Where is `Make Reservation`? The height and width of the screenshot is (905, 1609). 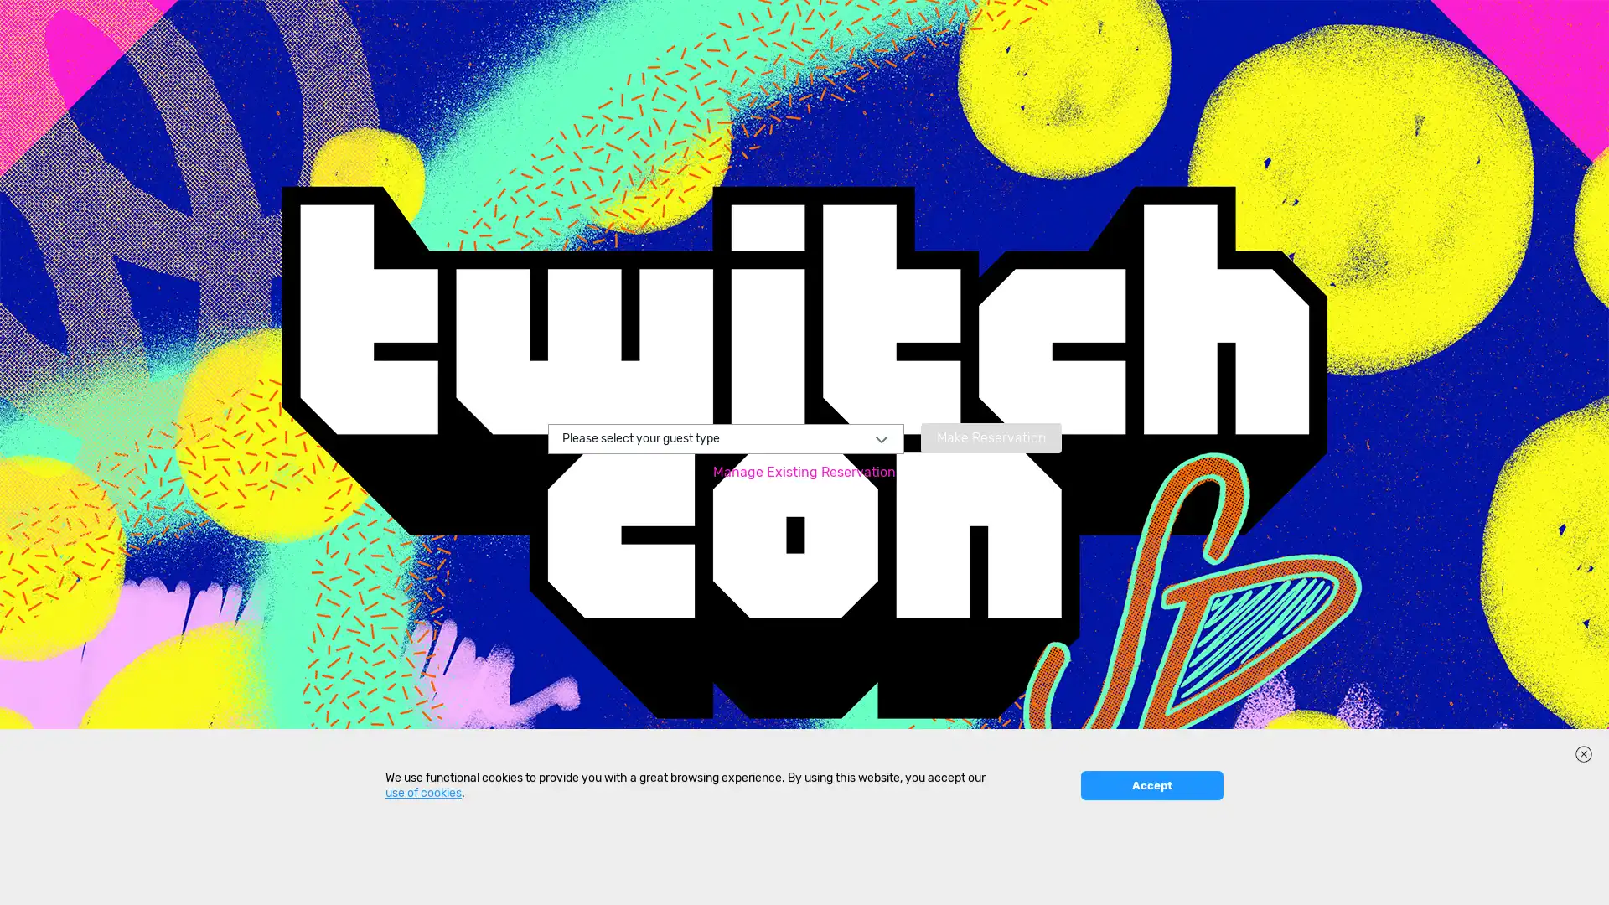 Make Reservation is located at coordinates (990, 436).